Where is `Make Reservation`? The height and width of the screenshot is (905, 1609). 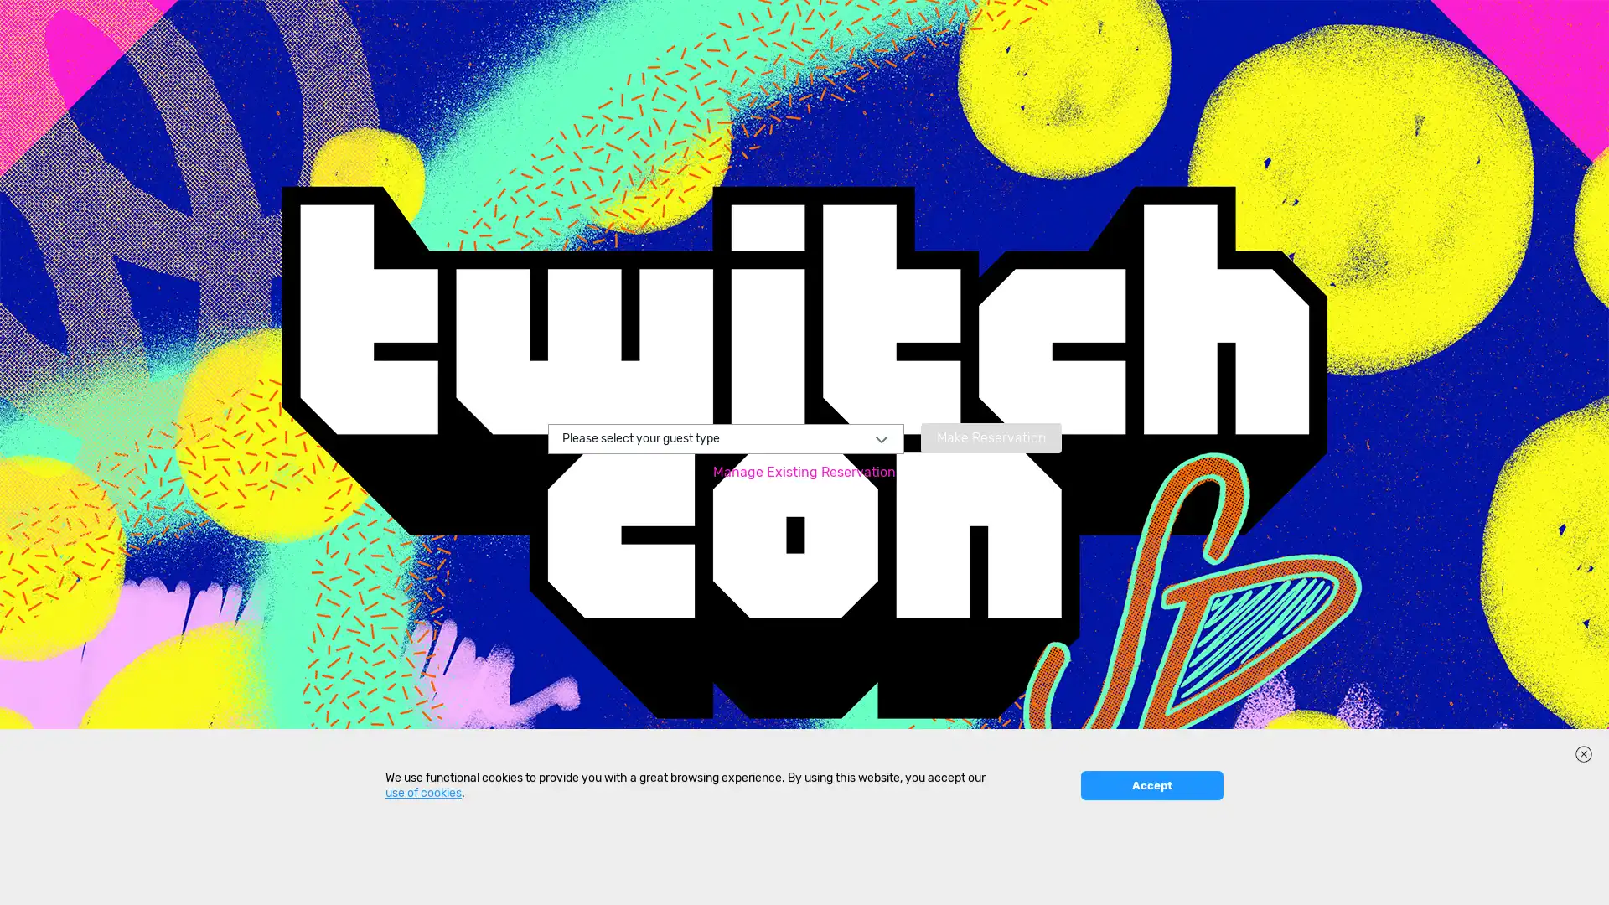 Make Reservation is located at coordinates (990, 436).